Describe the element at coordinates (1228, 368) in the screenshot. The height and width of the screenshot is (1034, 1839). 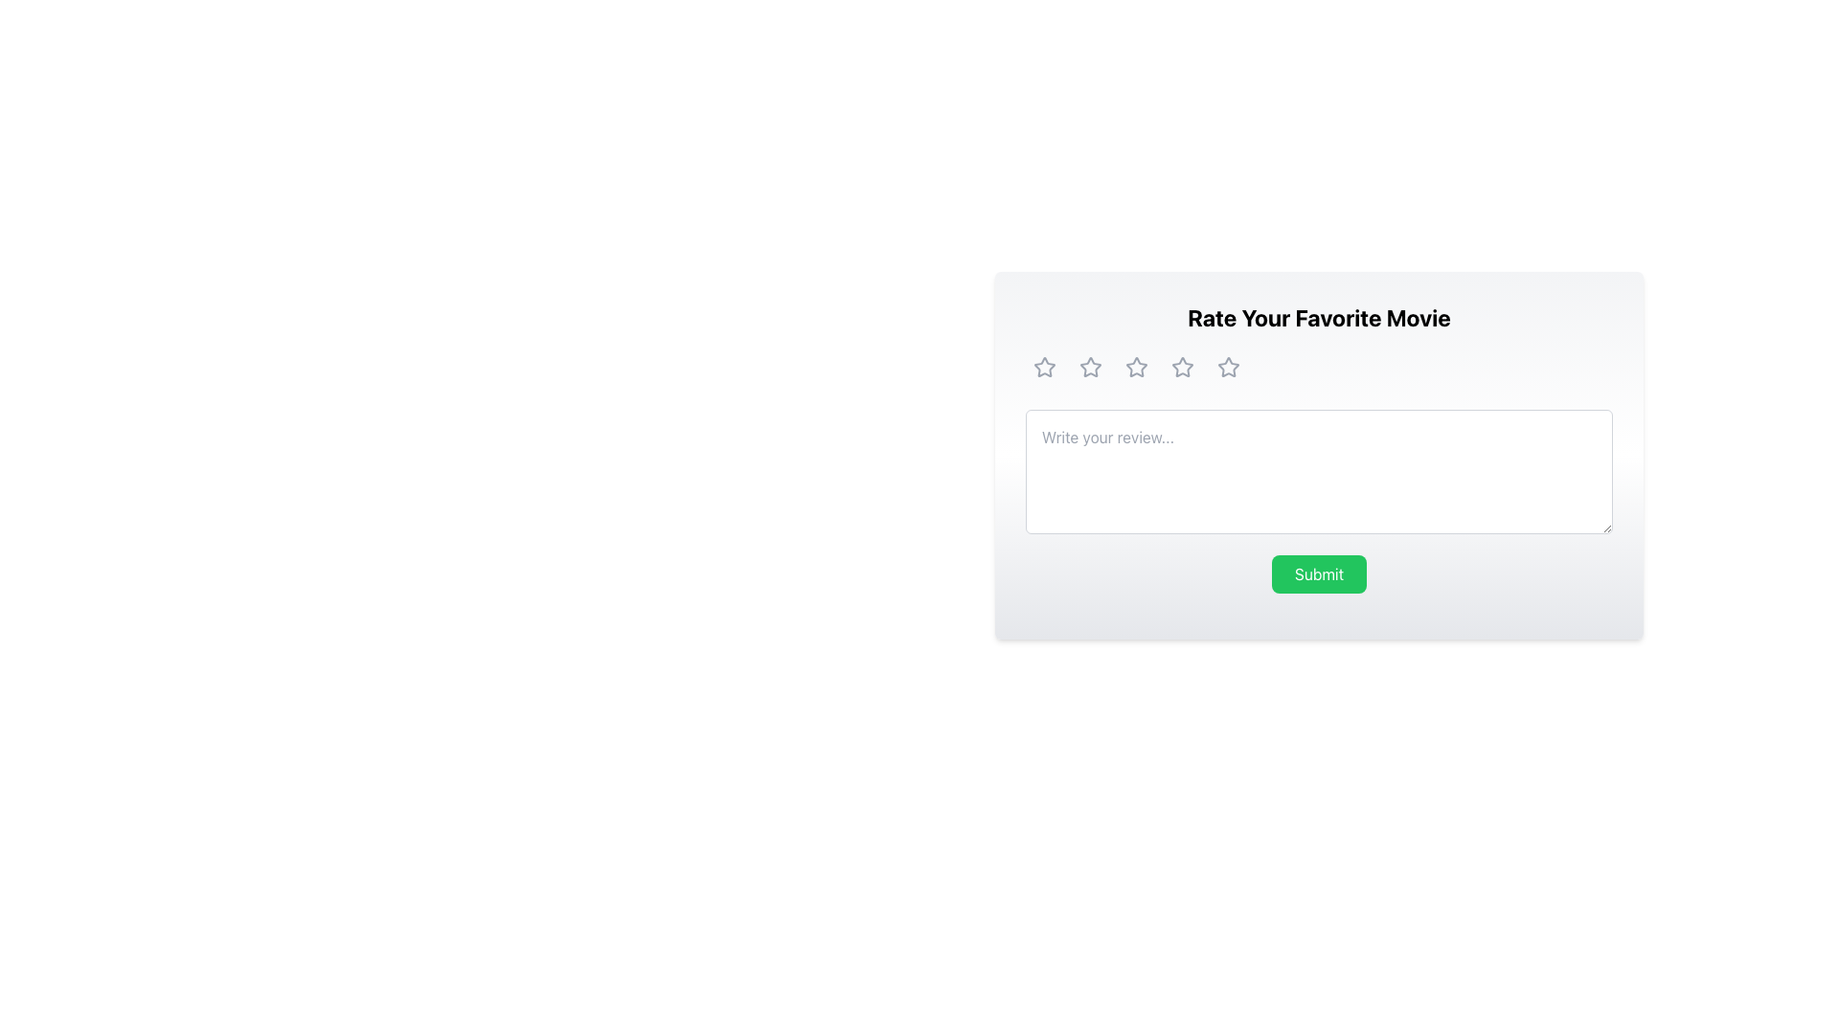
I see `the fifth star icon in the five-star rating system` at that location.